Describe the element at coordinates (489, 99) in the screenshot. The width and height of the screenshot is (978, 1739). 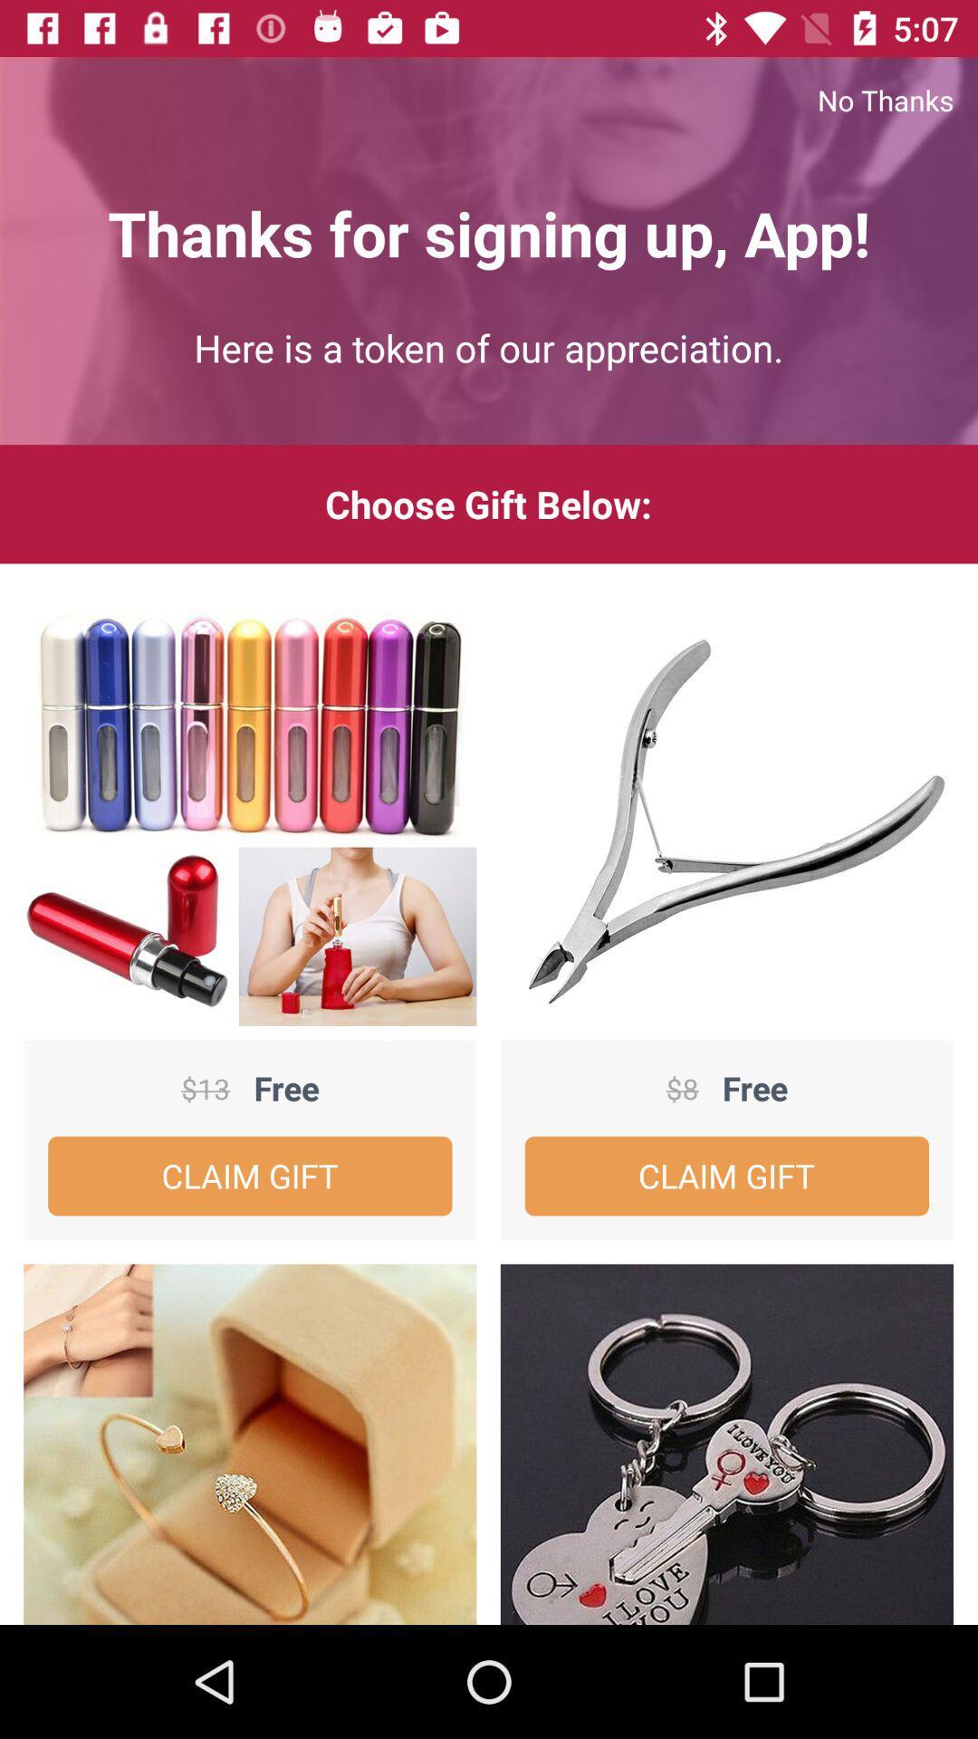
I see `the no thanks` at that location.